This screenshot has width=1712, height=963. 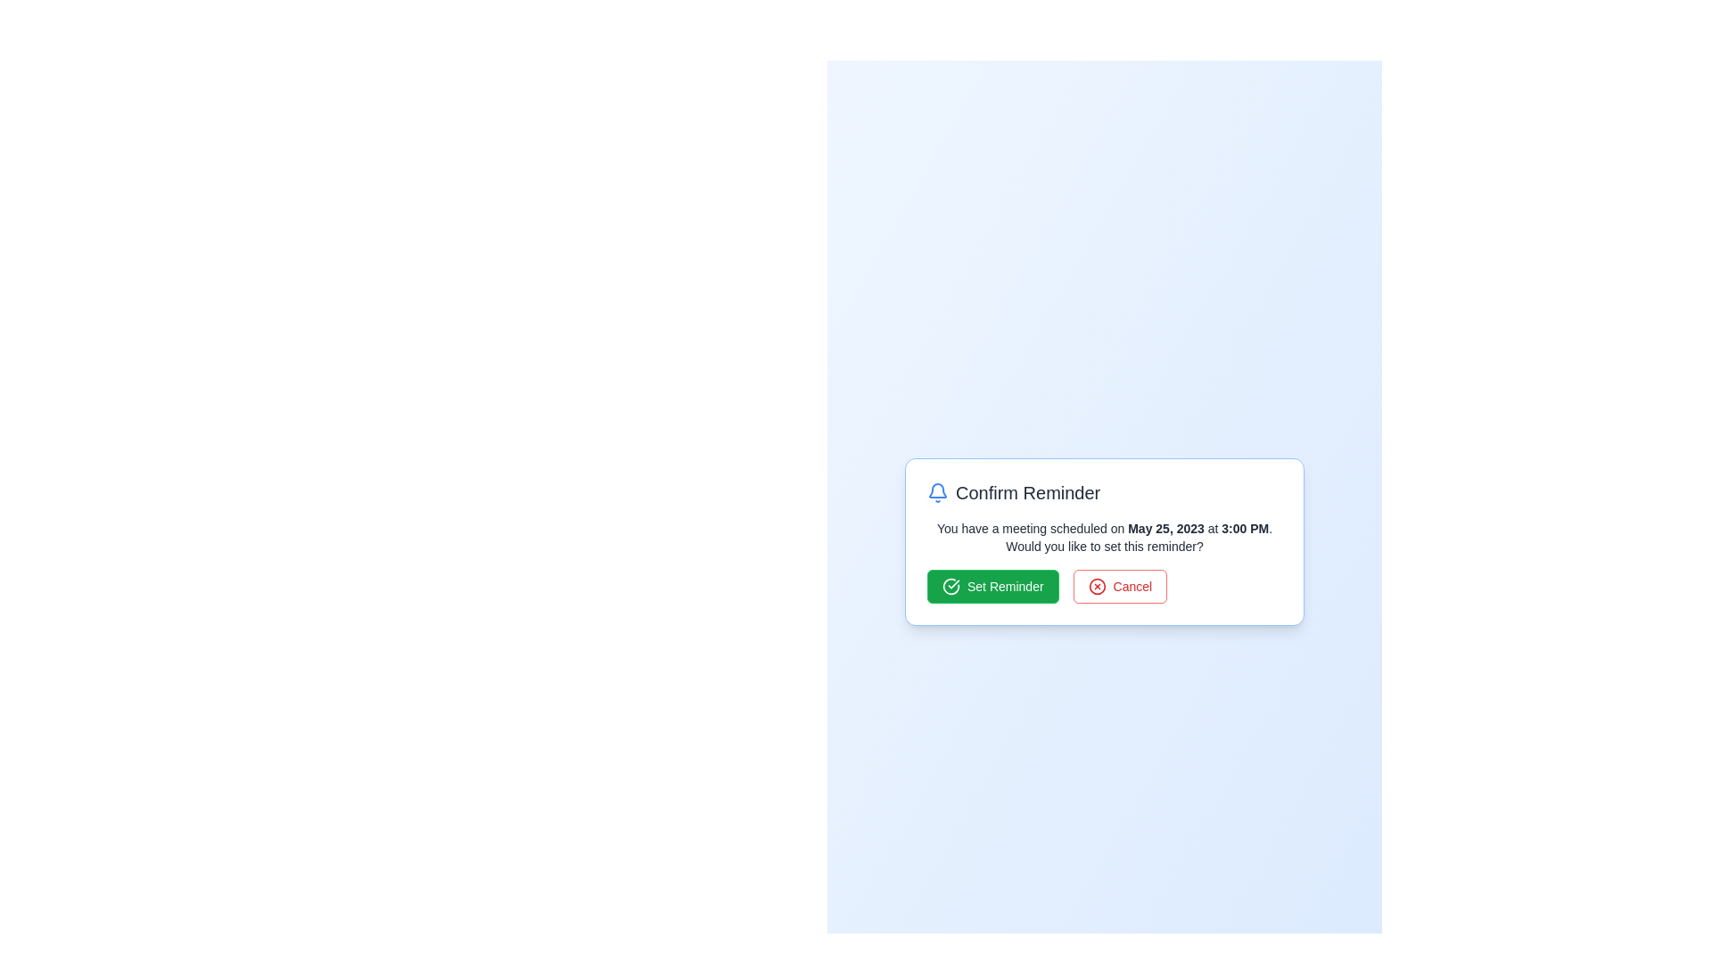 What do you see at coordinates (992, 587) in the screenshot?
I see `the bright green button labeled 'Set Reminder' with a white circular checkmark icon to set a reminder` at bounding box center [992, 587].